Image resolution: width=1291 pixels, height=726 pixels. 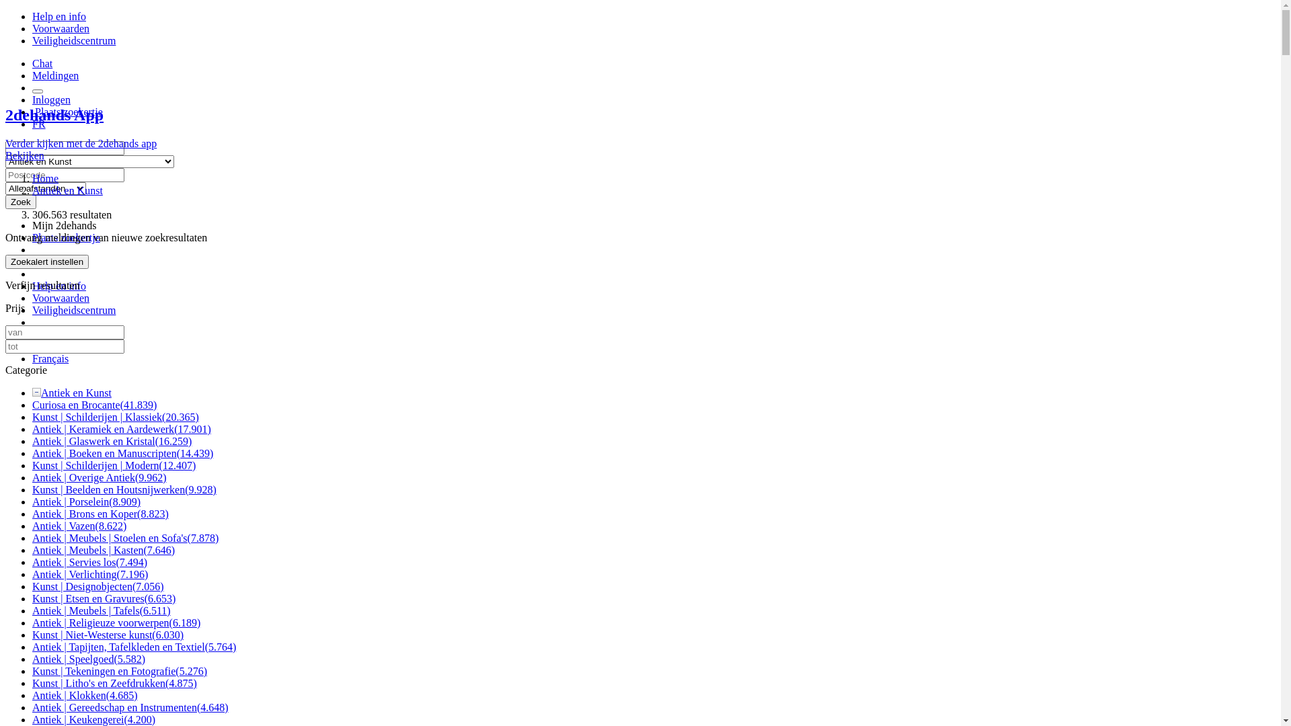 What do you see at coordinates (32, 489) in the screenshot?
I see `'Kunst | Beelden en Houtsnijwerken(9.928)'` at bounding box center [32, 489].